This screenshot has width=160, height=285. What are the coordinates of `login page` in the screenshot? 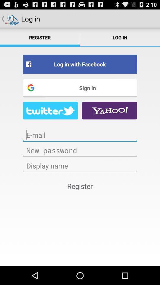 It's located at (80, 166).